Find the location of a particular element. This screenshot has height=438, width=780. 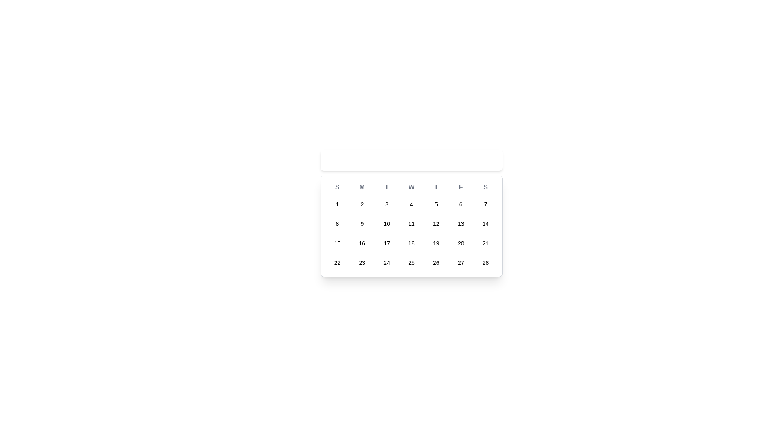

the date button labeled '16' in the fourth row and second column of the calendar grid is located at coordinates (362, 243).